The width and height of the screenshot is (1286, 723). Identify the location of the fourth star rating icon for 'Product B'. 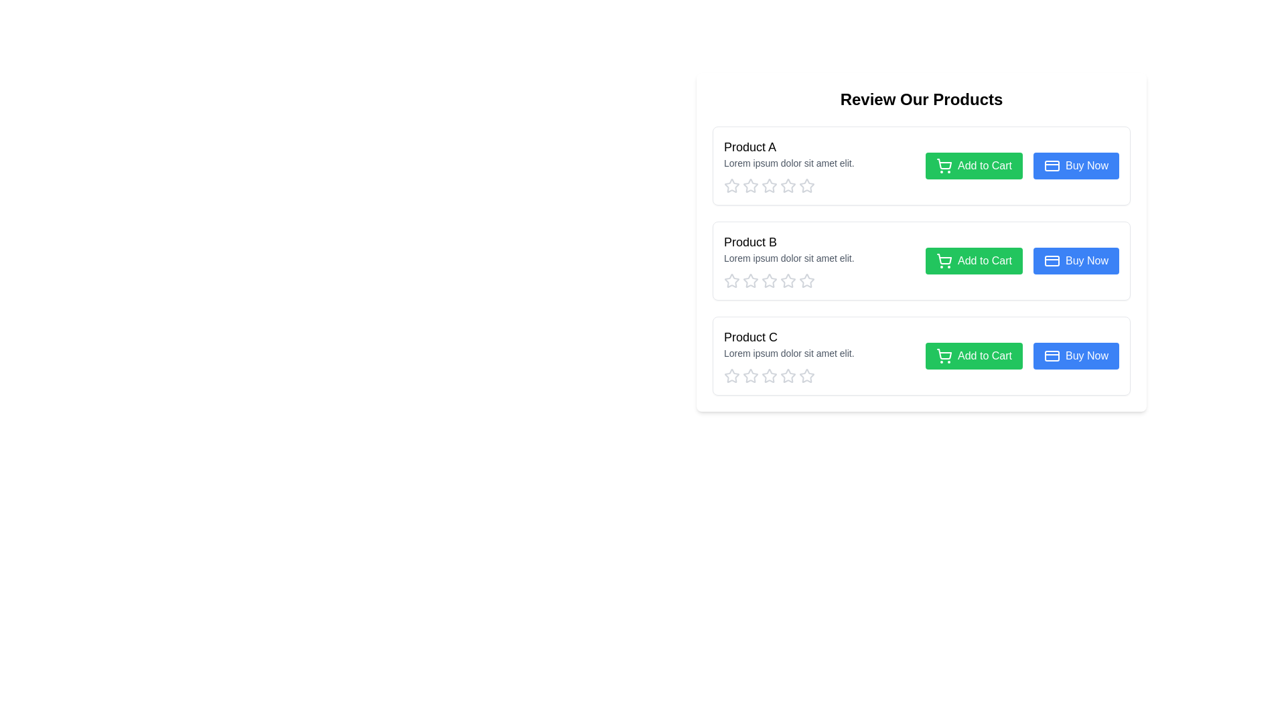
(806, 280).